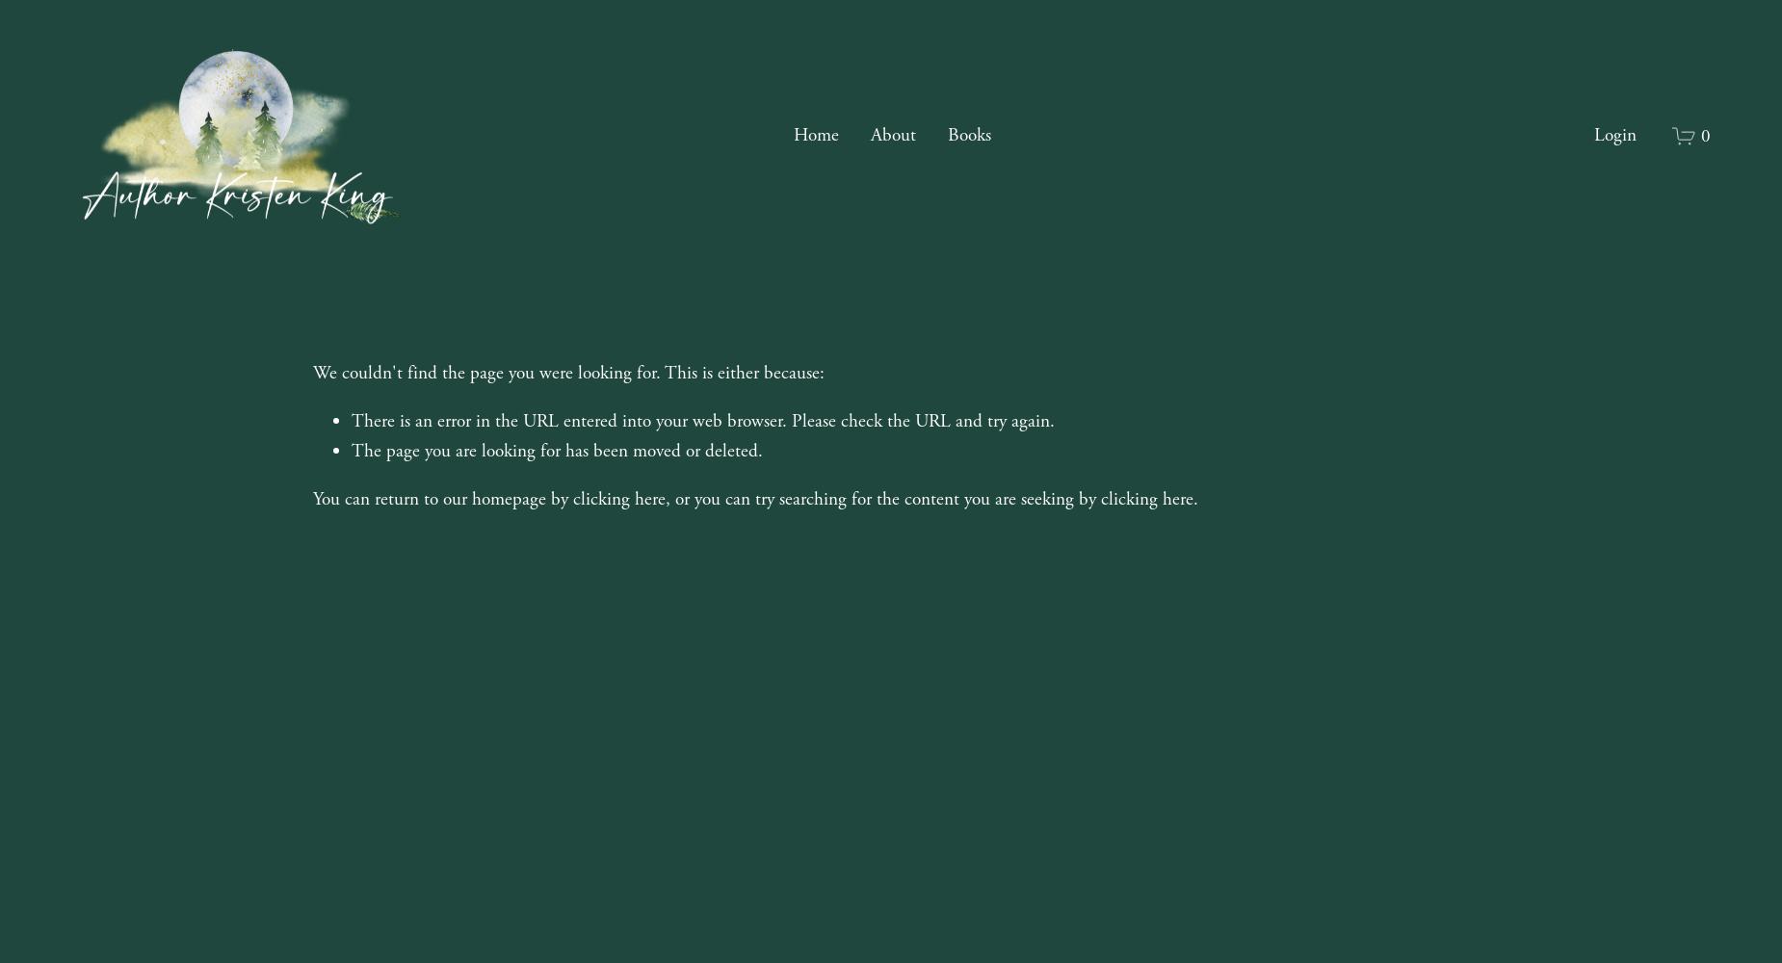 This screenshot has width=1782, height=963. What do you see at coordinates (441, 498) in the screenshot?
I see `'You can return to our homepage by'` at bounding box center [441, 498].